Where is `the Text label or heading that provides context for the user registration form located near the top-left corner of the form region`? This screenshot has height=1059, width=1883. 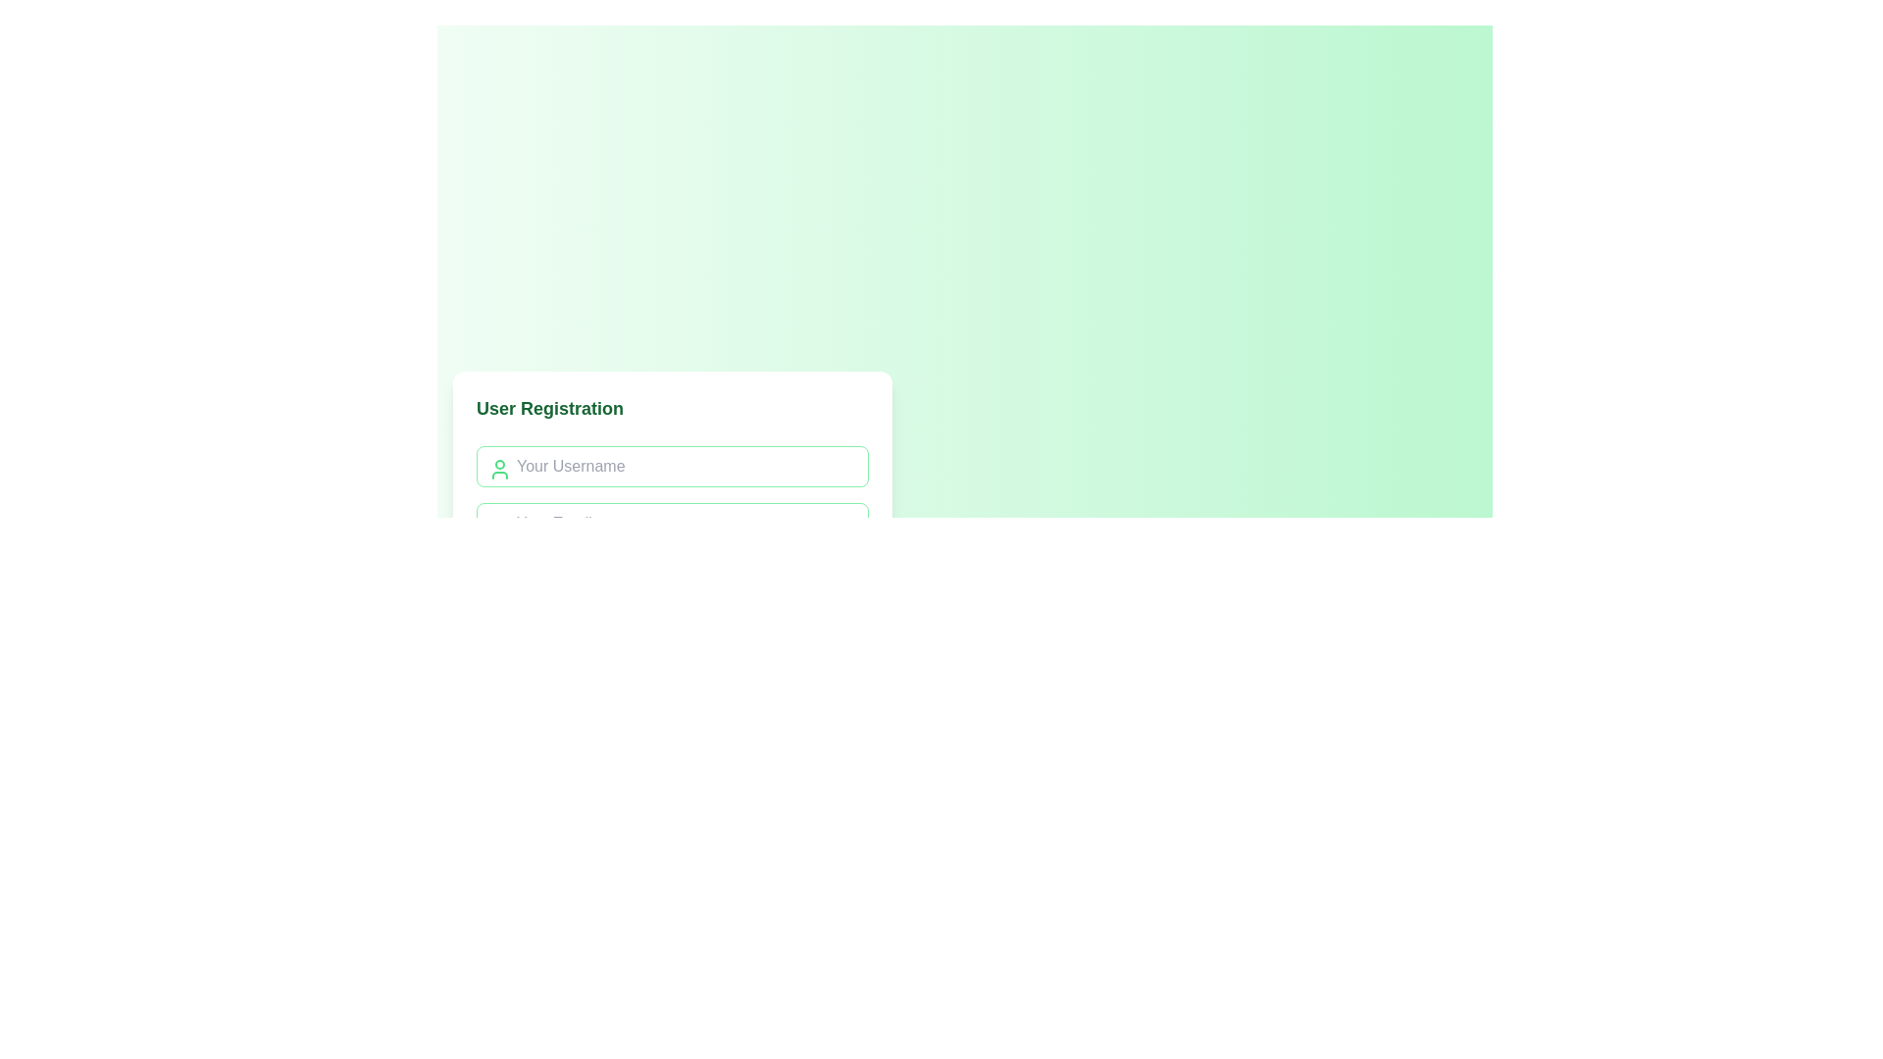
the Text label or heading that provides context for the user registration form located near the top-left corner of the form region is located at coordinates (549, 407).